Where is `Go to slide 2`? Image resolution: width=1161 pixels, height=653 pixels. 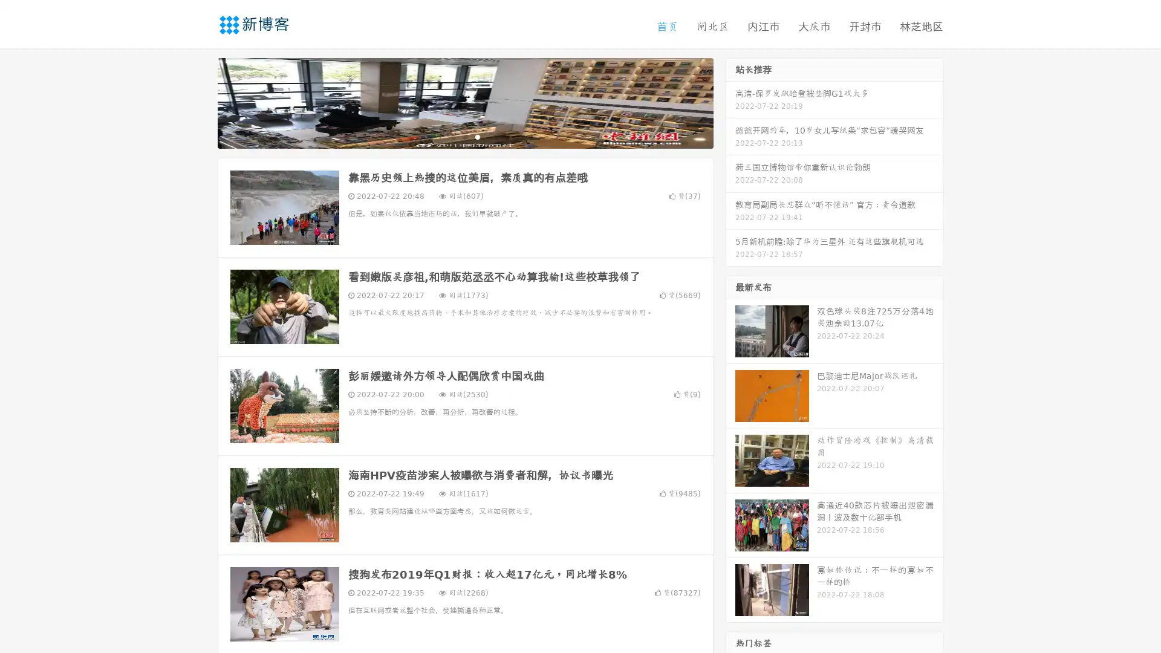
Go to slide 2 is located at coordinates (464, 136).